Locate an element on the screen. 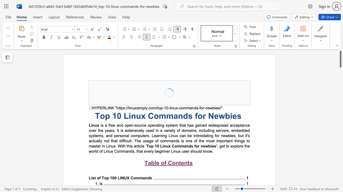 The height and width of the screenshot is (192, 343). the scrollbar on the right to move the page downward is located at coordinates (340, 171).